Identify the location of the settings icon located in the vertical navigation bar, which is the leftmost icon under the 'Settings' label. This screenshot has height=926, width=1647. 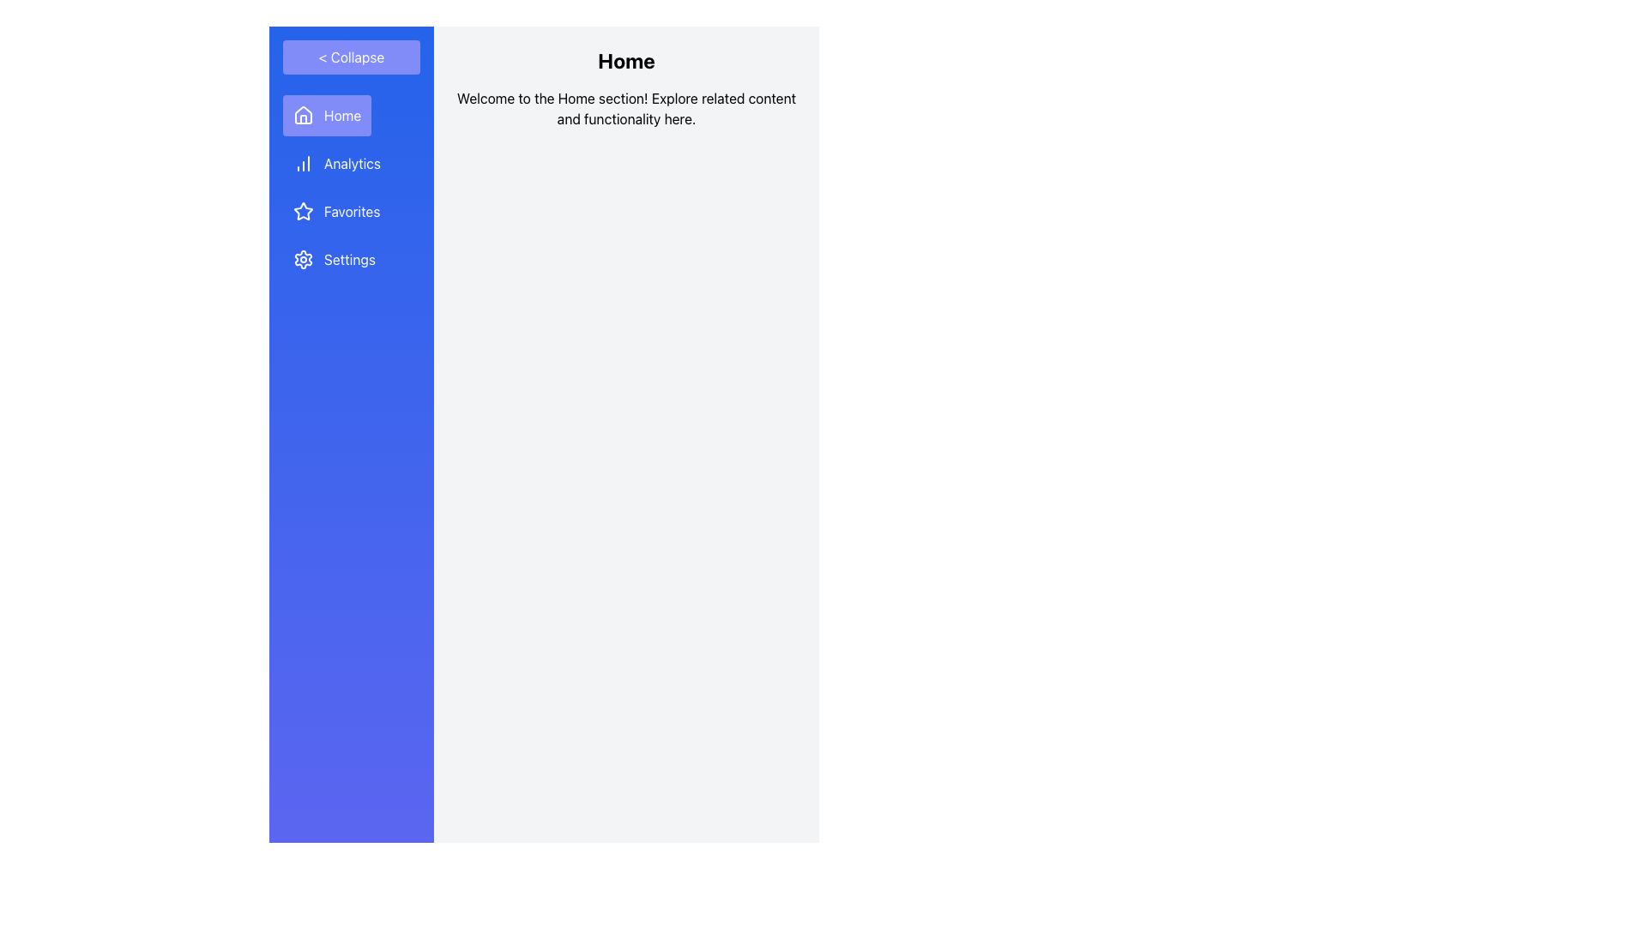
(304, 260).